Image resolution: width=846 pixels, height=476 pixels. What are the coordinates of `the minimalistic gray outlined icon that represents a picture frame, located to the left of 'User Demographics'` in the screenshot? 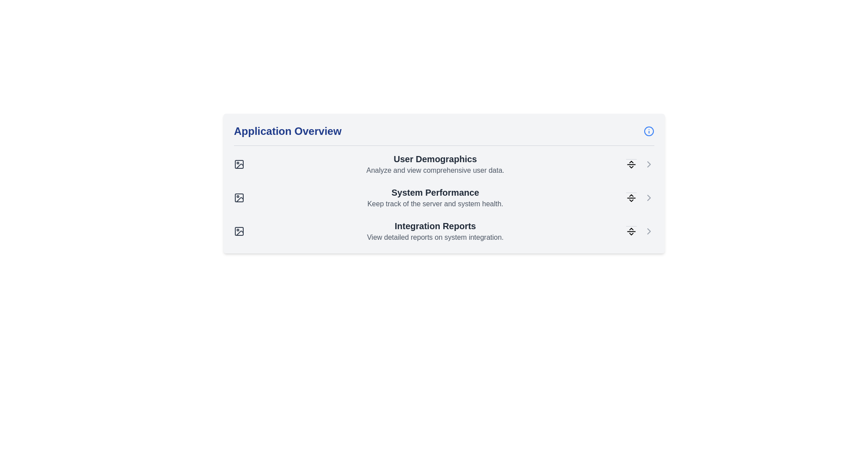 It's located at (239, 164).